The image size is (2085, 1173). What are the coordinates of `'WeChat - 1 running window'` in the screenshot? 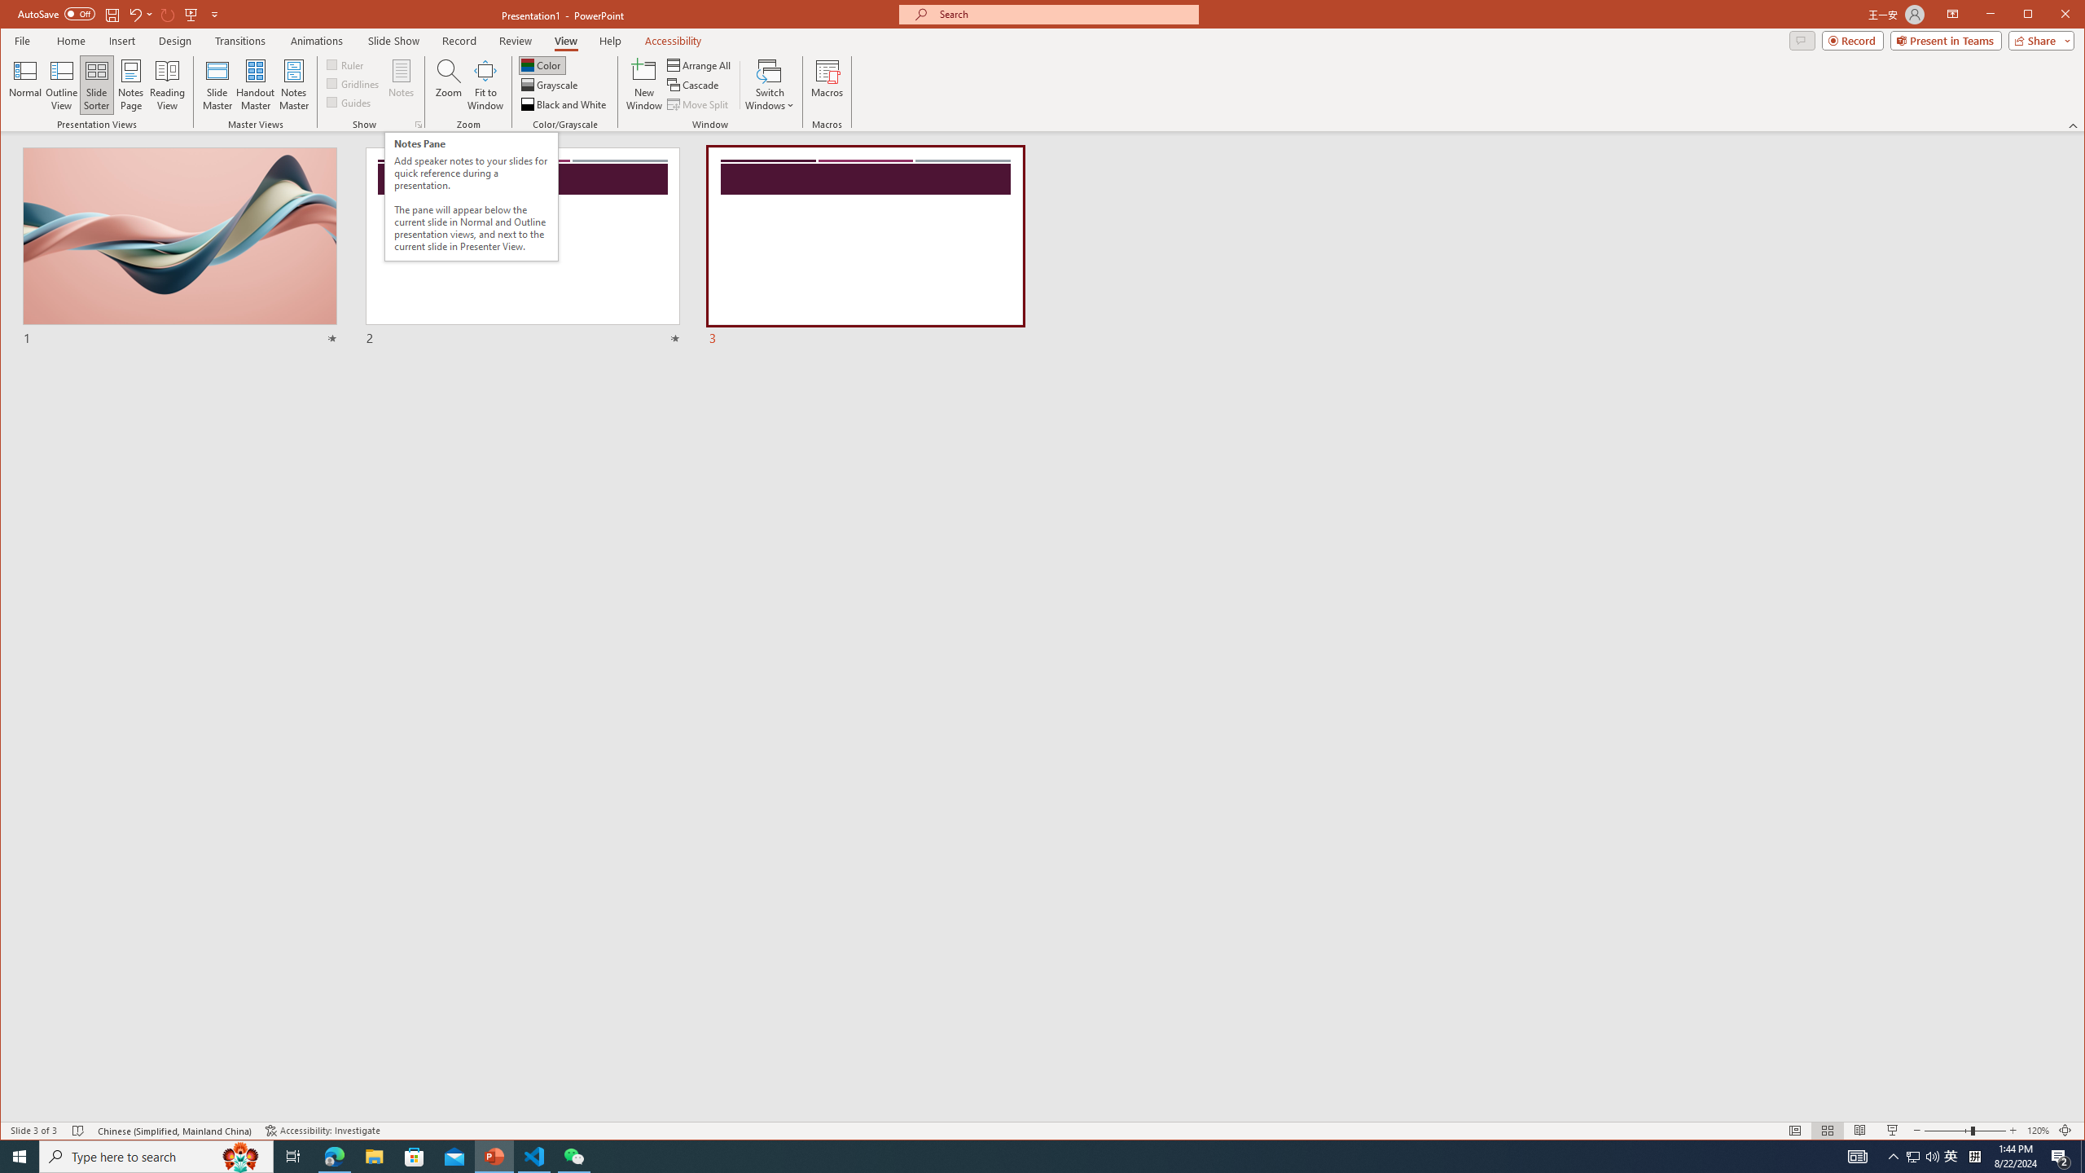 It's located at (574, 1155).